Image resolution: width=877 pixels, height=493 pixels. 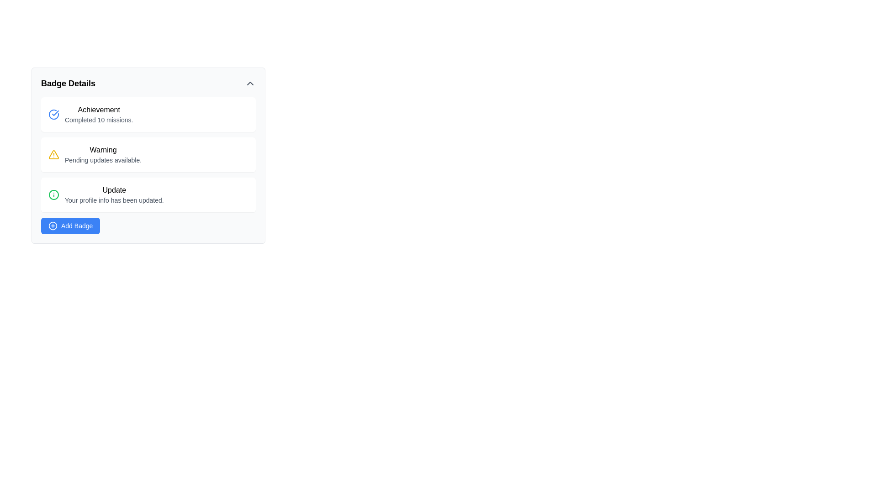 What do you see at coordinates (52, 226) in the screenshot?
I see `the circular SVG element that is part of the round-plus icon associated with the phrase 'Add Badge' in the 'Badge Details' section` at bounding box center [52, 226].